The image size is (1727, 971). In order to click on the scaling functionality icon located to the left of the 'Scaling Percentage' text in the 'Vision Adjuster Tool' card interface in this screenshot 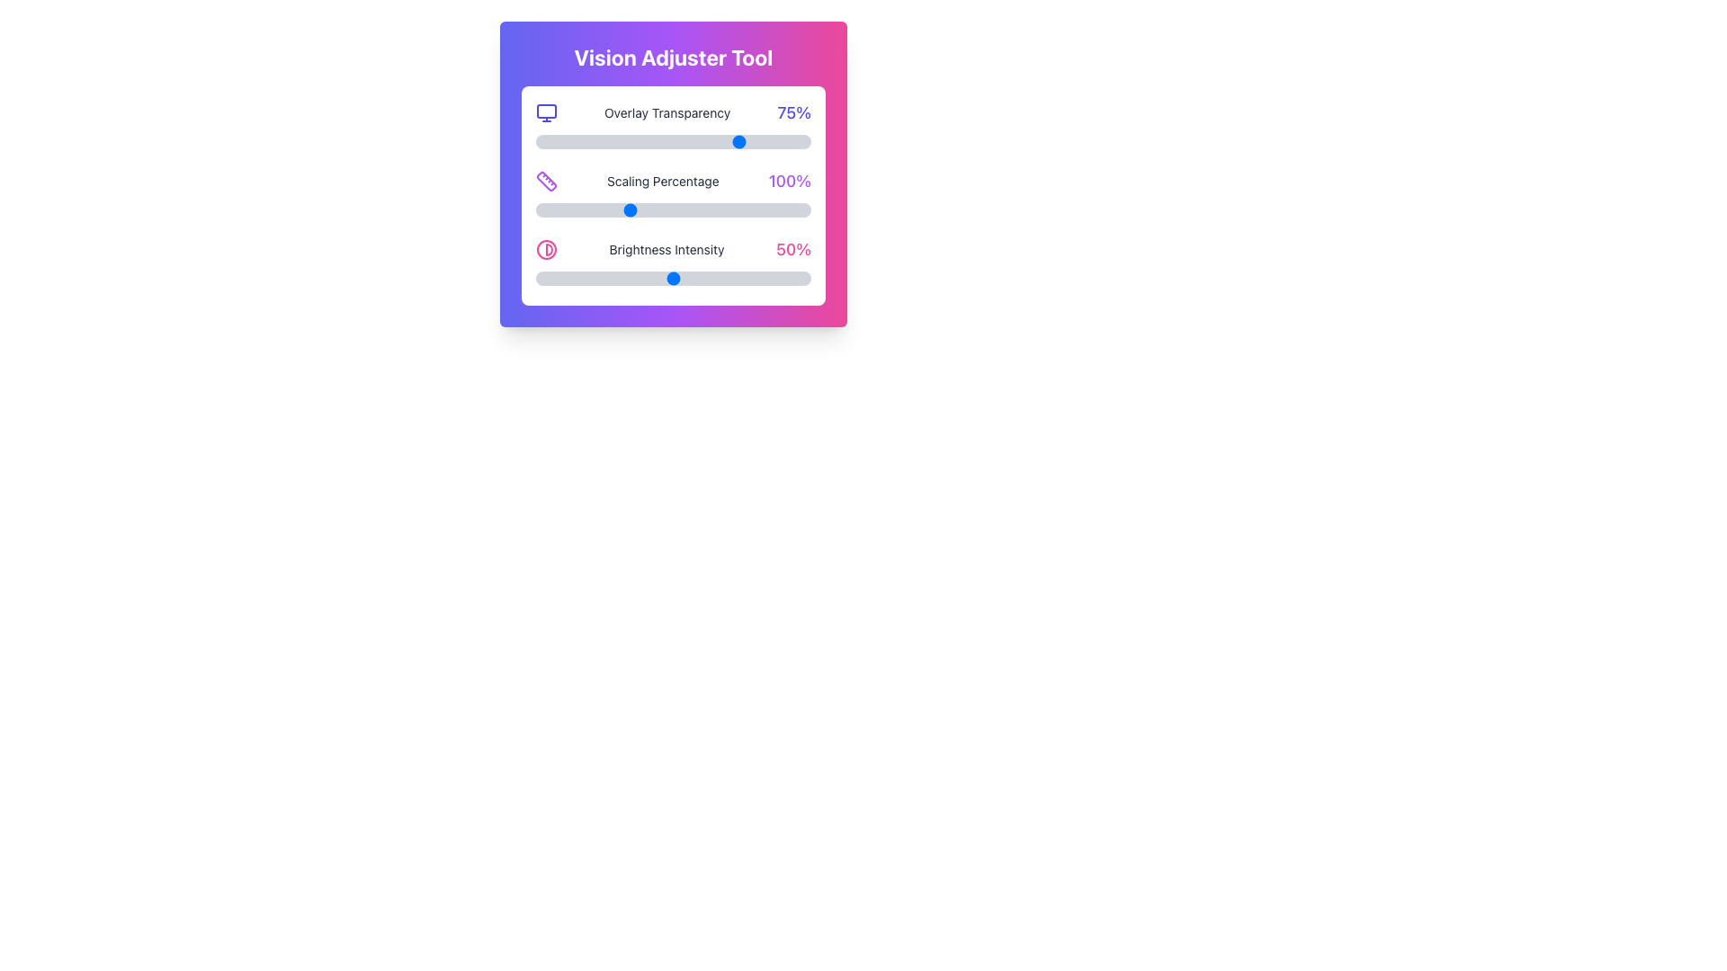, I will do `click(546, 181)`.